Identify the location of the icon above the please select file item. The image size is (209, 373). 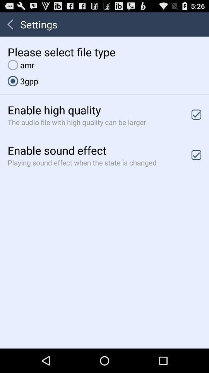
(10, 24).